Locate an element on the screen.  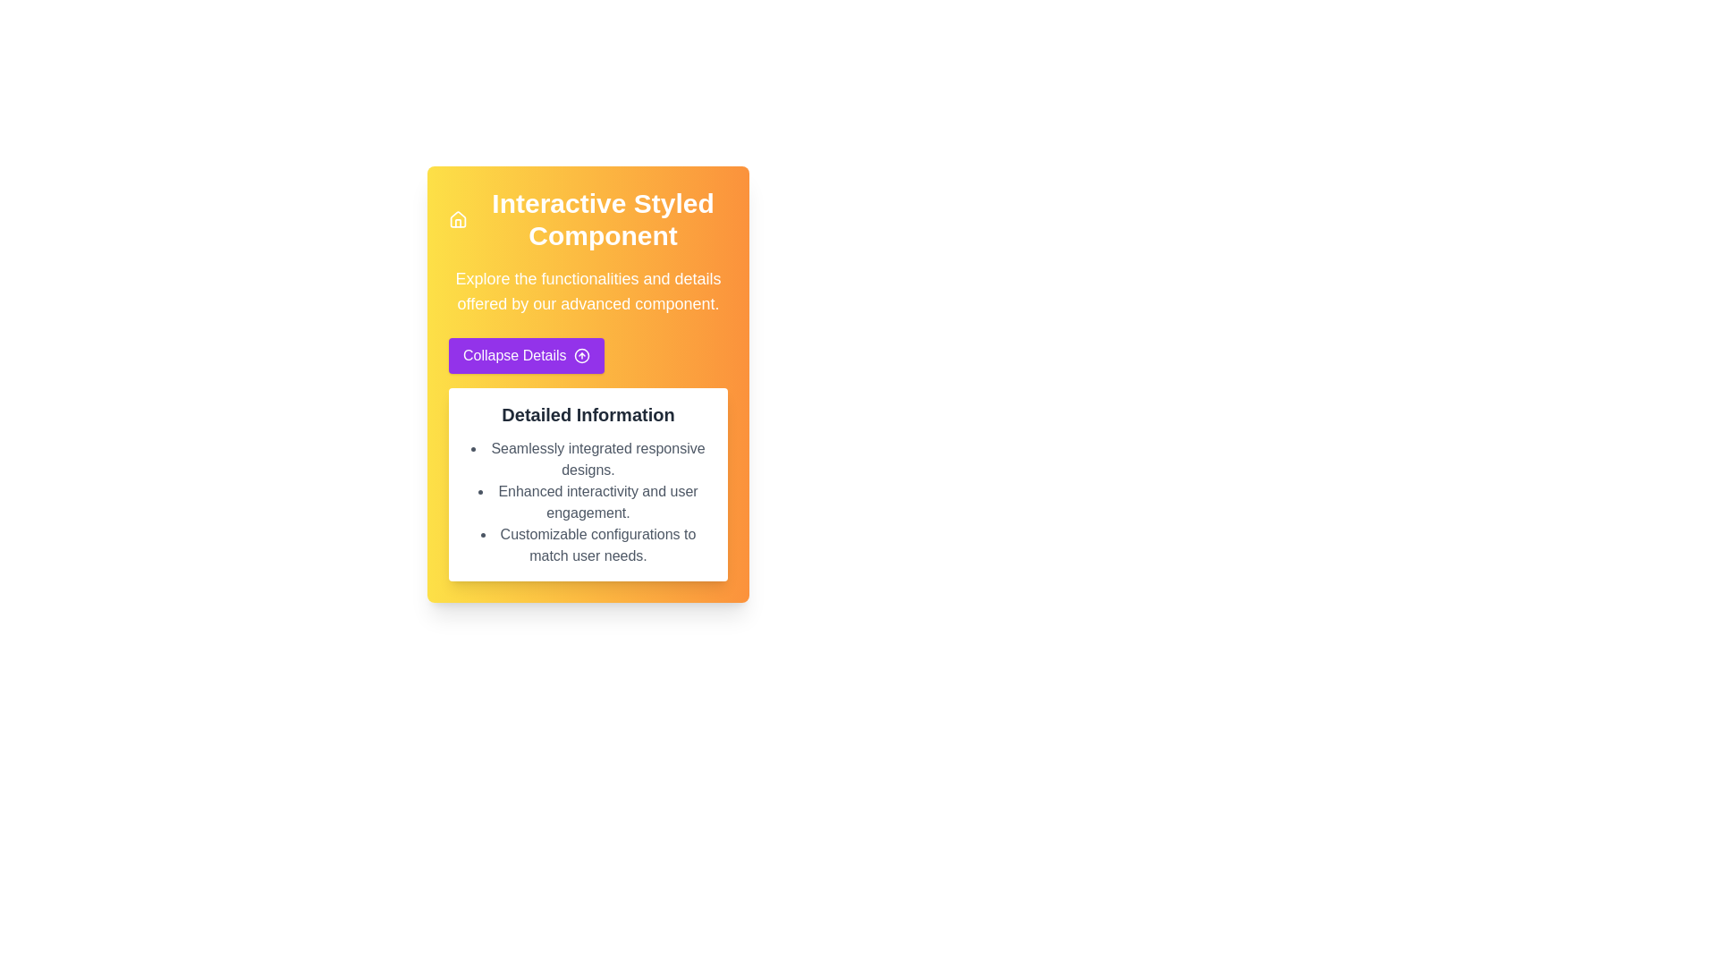
the third list item in the bulleted list reading 'Customizable configurations to match user needs.' located within the 'Detailed Information' section of the orange card titled 'Interactive Styled Component' is located at coordinates (588, 544).